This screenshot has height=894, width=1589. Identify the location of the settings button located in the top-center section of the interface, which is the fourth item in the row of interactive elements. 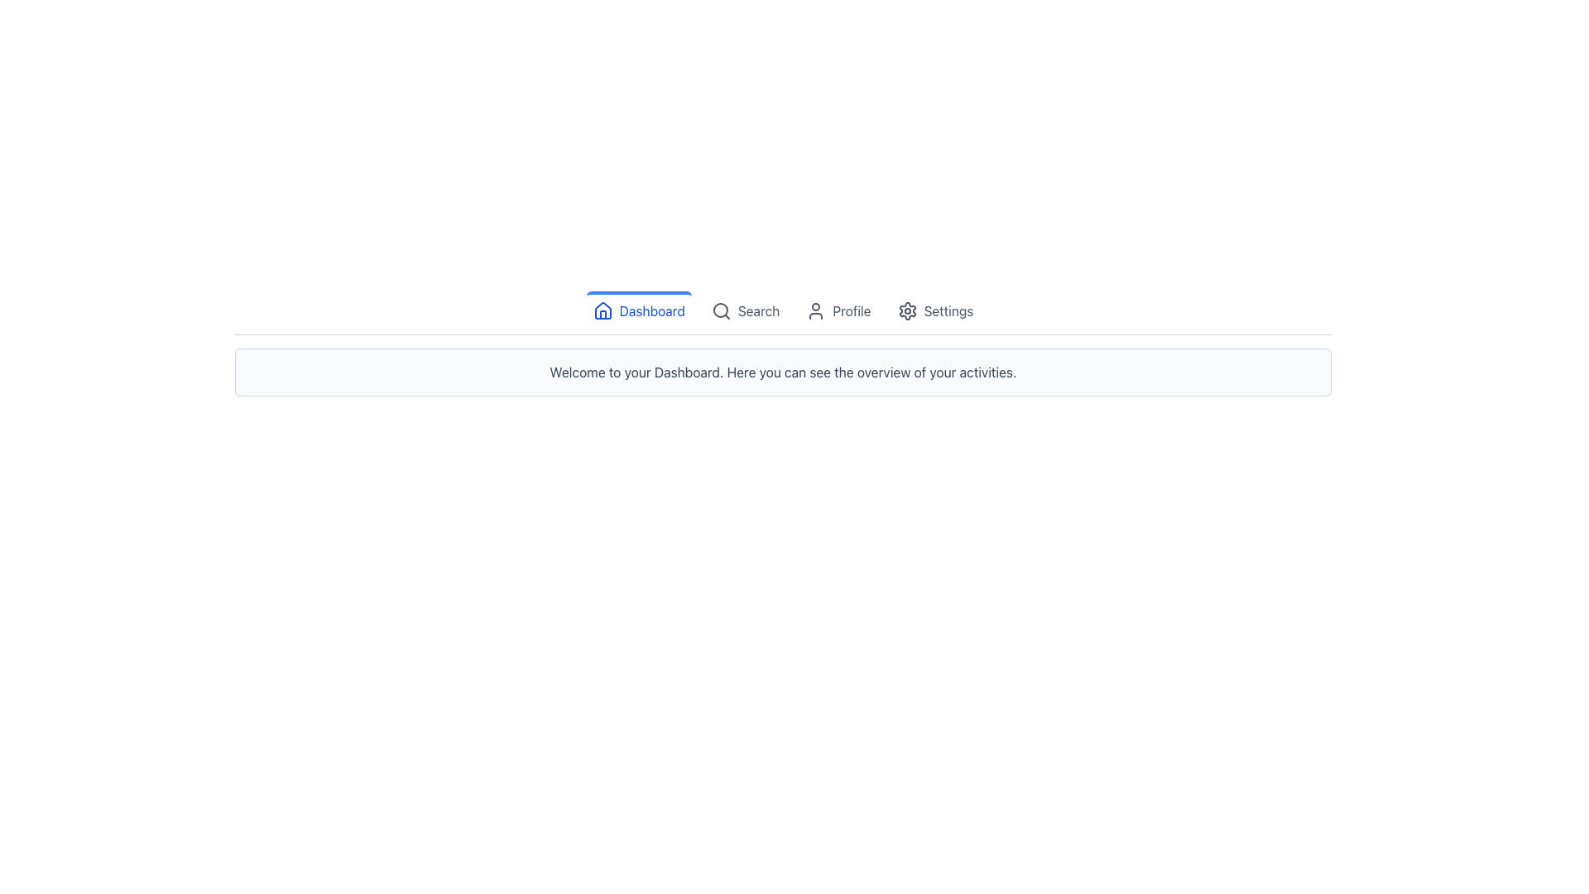
(935, 310).